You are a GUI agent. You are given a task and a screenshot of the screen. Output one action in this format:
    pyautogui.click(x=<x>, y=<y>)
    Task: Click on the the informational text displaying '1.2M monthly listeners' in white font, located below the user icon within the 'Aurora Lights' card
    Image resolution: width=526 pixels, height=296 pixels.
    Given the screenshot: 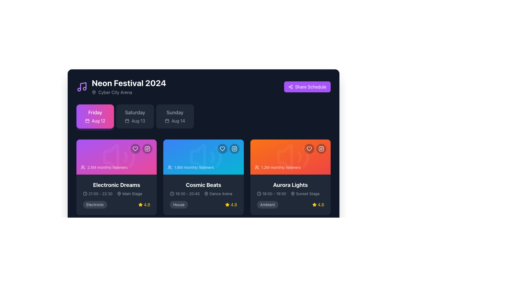 What is the action you would take?
    pyautogui.click(x=281, y=167)
    